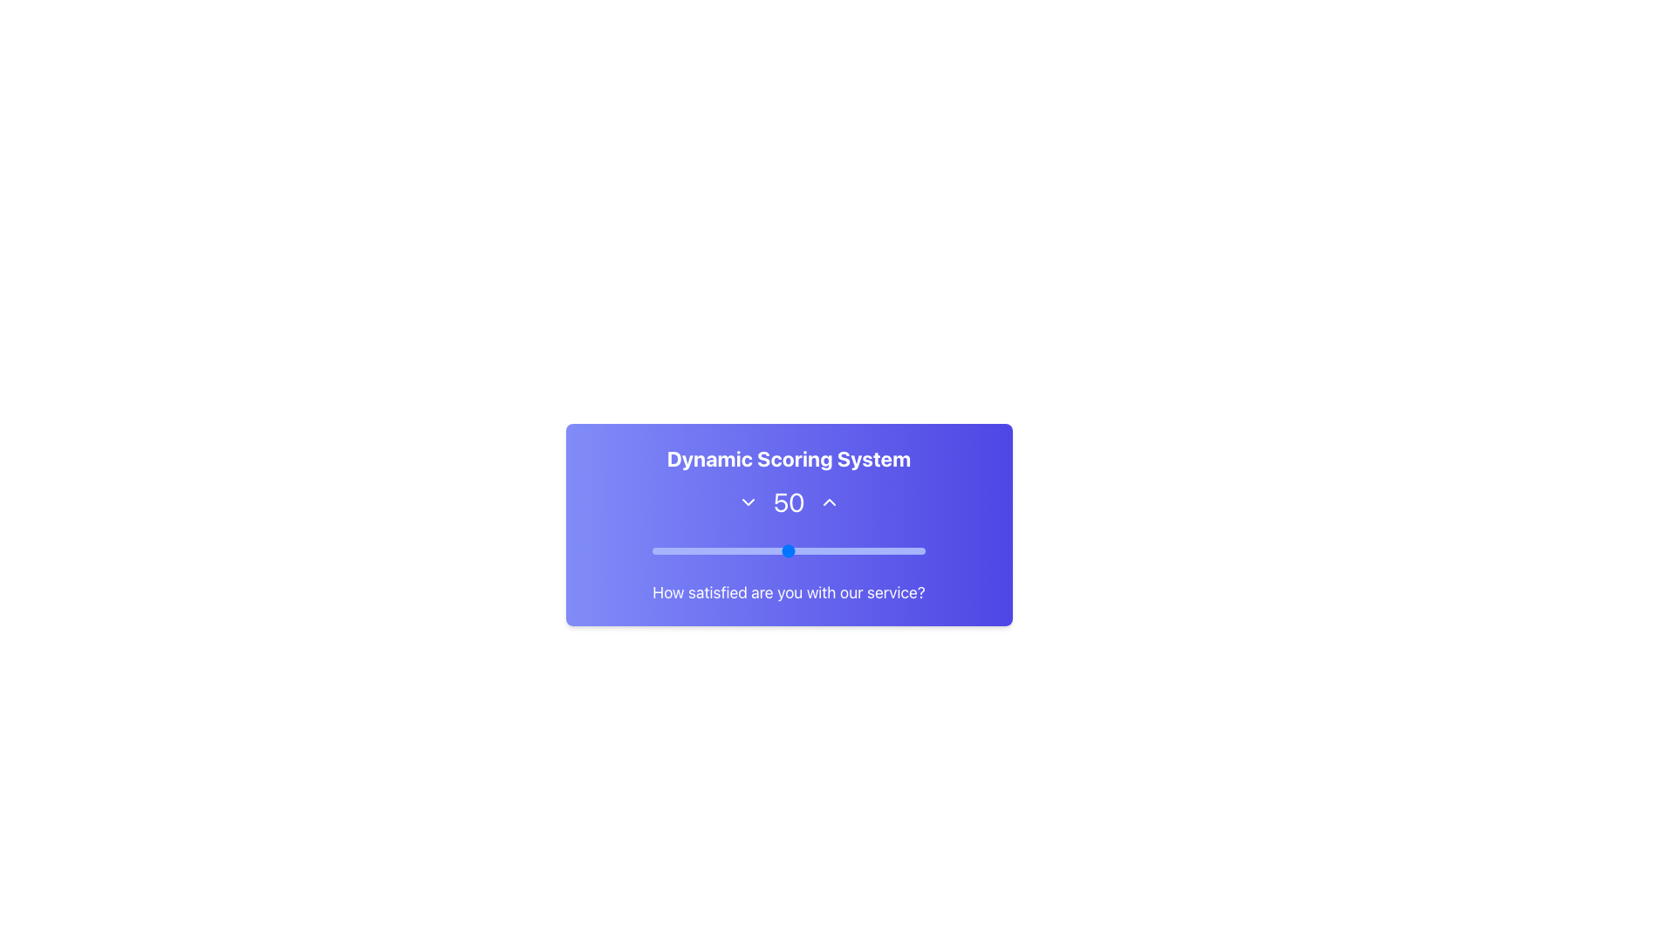  Describe the element at coordinates (828, 502) in the screenshot. I see `the increment button icon located to the right of the number '50' in the 'Dynamic Scoring System' panel for a visual effect` at that location.